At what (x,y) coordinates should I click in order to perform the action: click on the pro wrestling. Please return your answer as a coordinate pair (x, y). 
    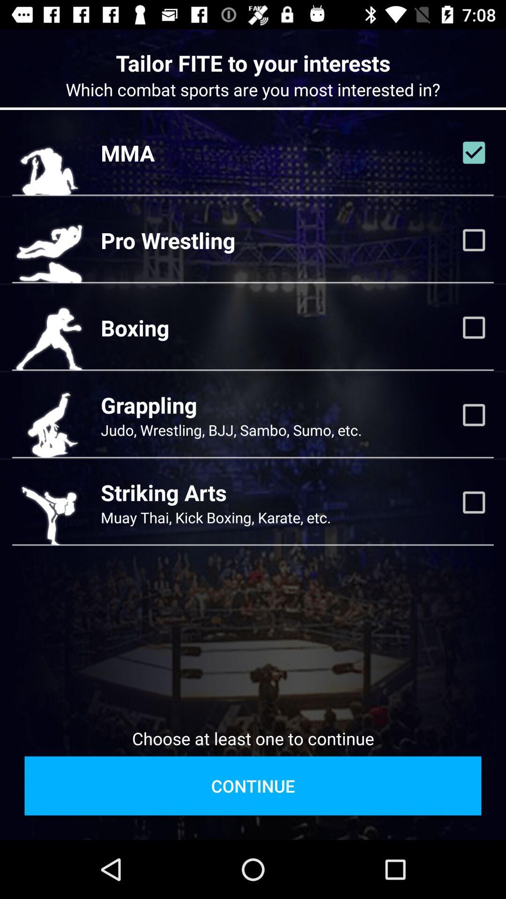
    Looking at the image, I should click on (167, 240).